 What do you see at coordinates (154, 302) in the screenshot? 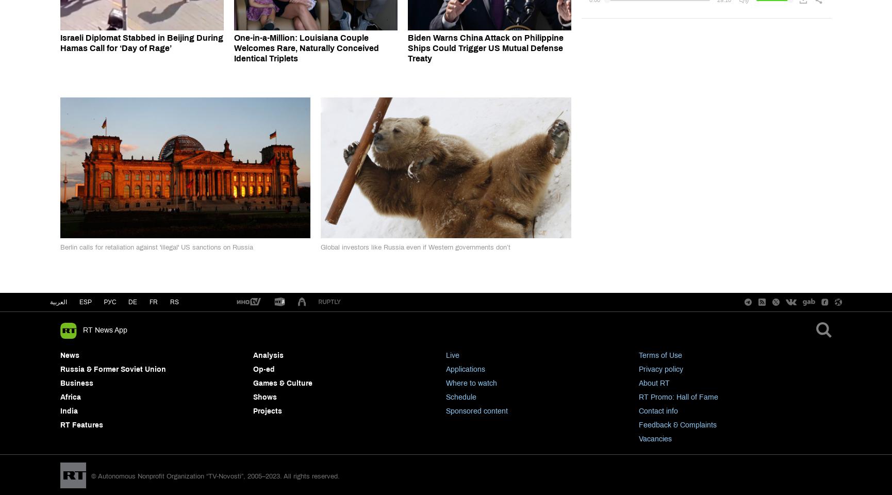
I see `'fr'` at bounding box center [154, 302].